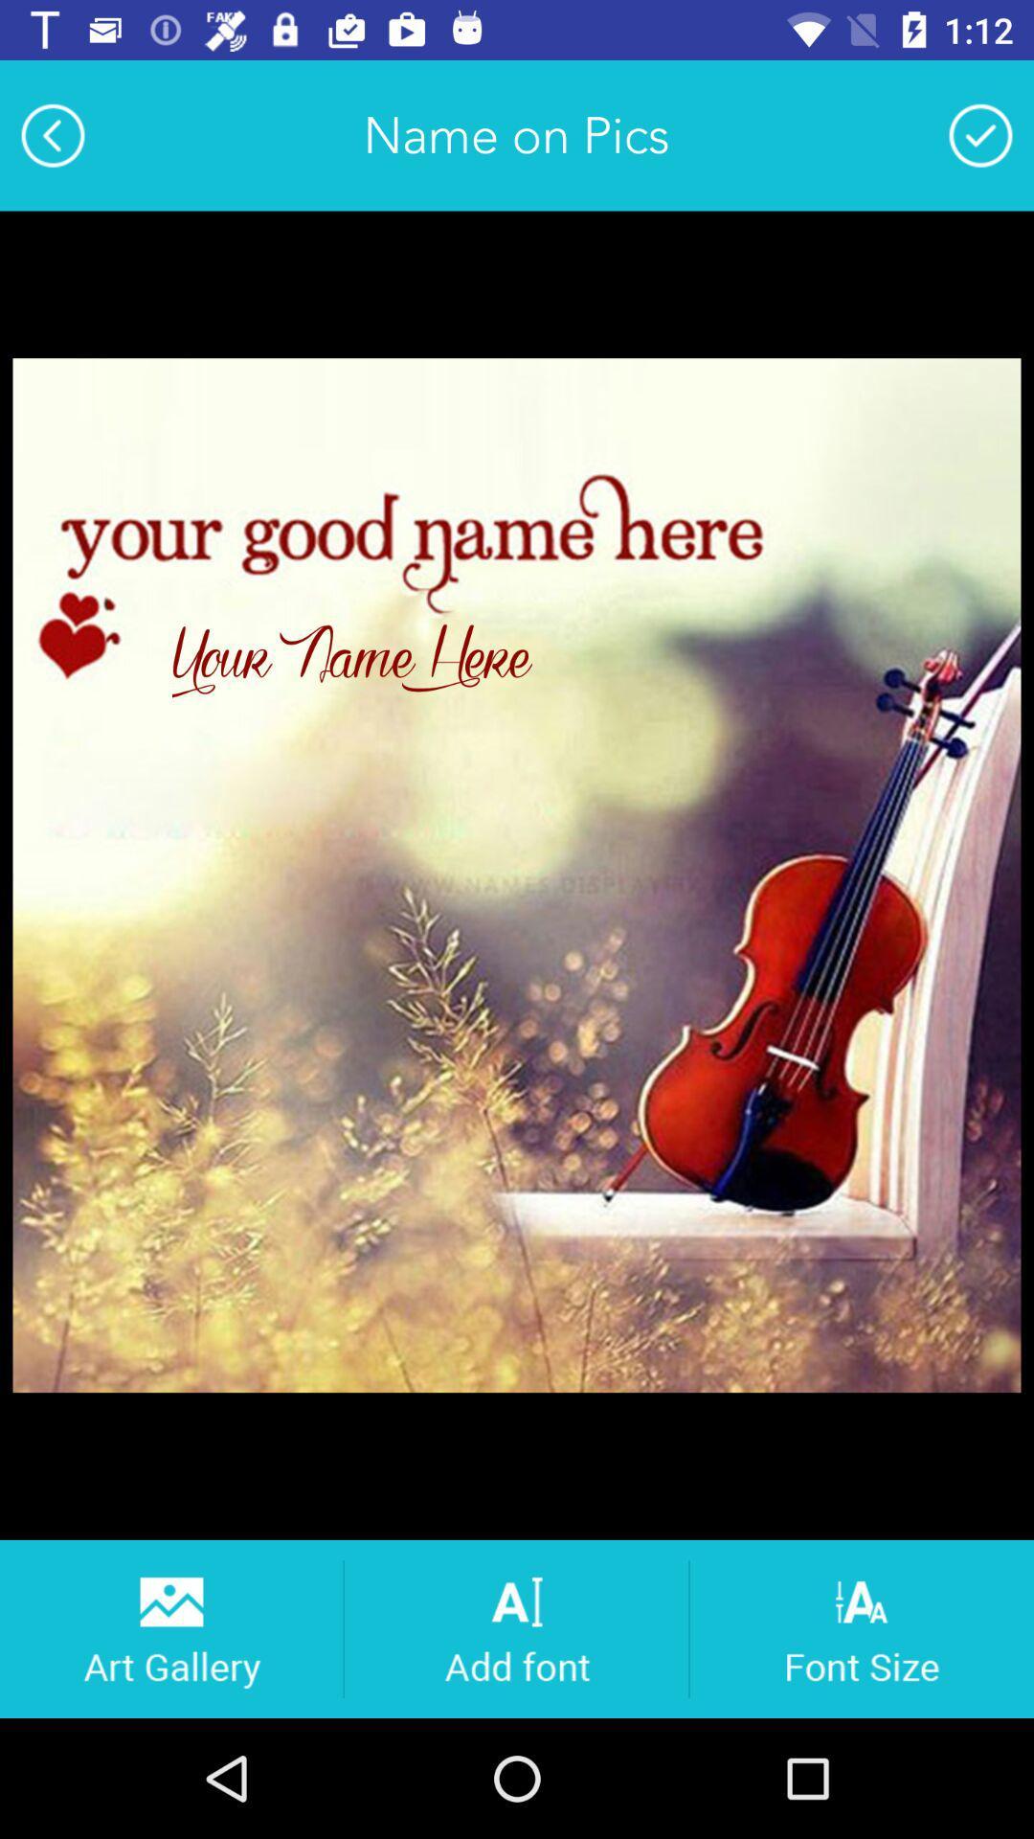 The width and height of the screenshot is (1034, 1839). Describe the element at coordinates (980, 134) in the screenshot. I see `image` at that location.